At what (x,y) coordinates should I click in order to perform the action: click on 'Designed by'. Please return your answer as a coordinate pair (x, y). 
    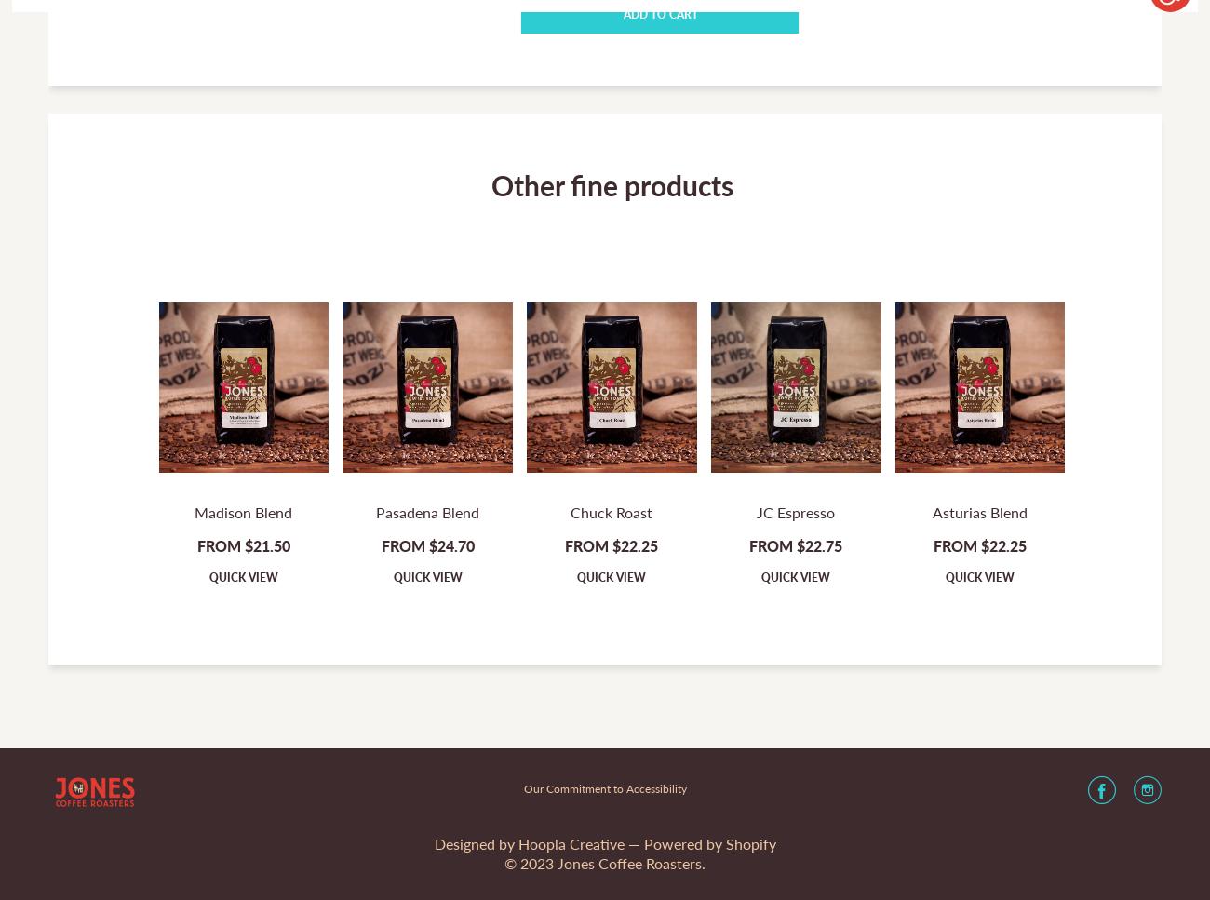
    Looking at the image, I should click on (476, 843).